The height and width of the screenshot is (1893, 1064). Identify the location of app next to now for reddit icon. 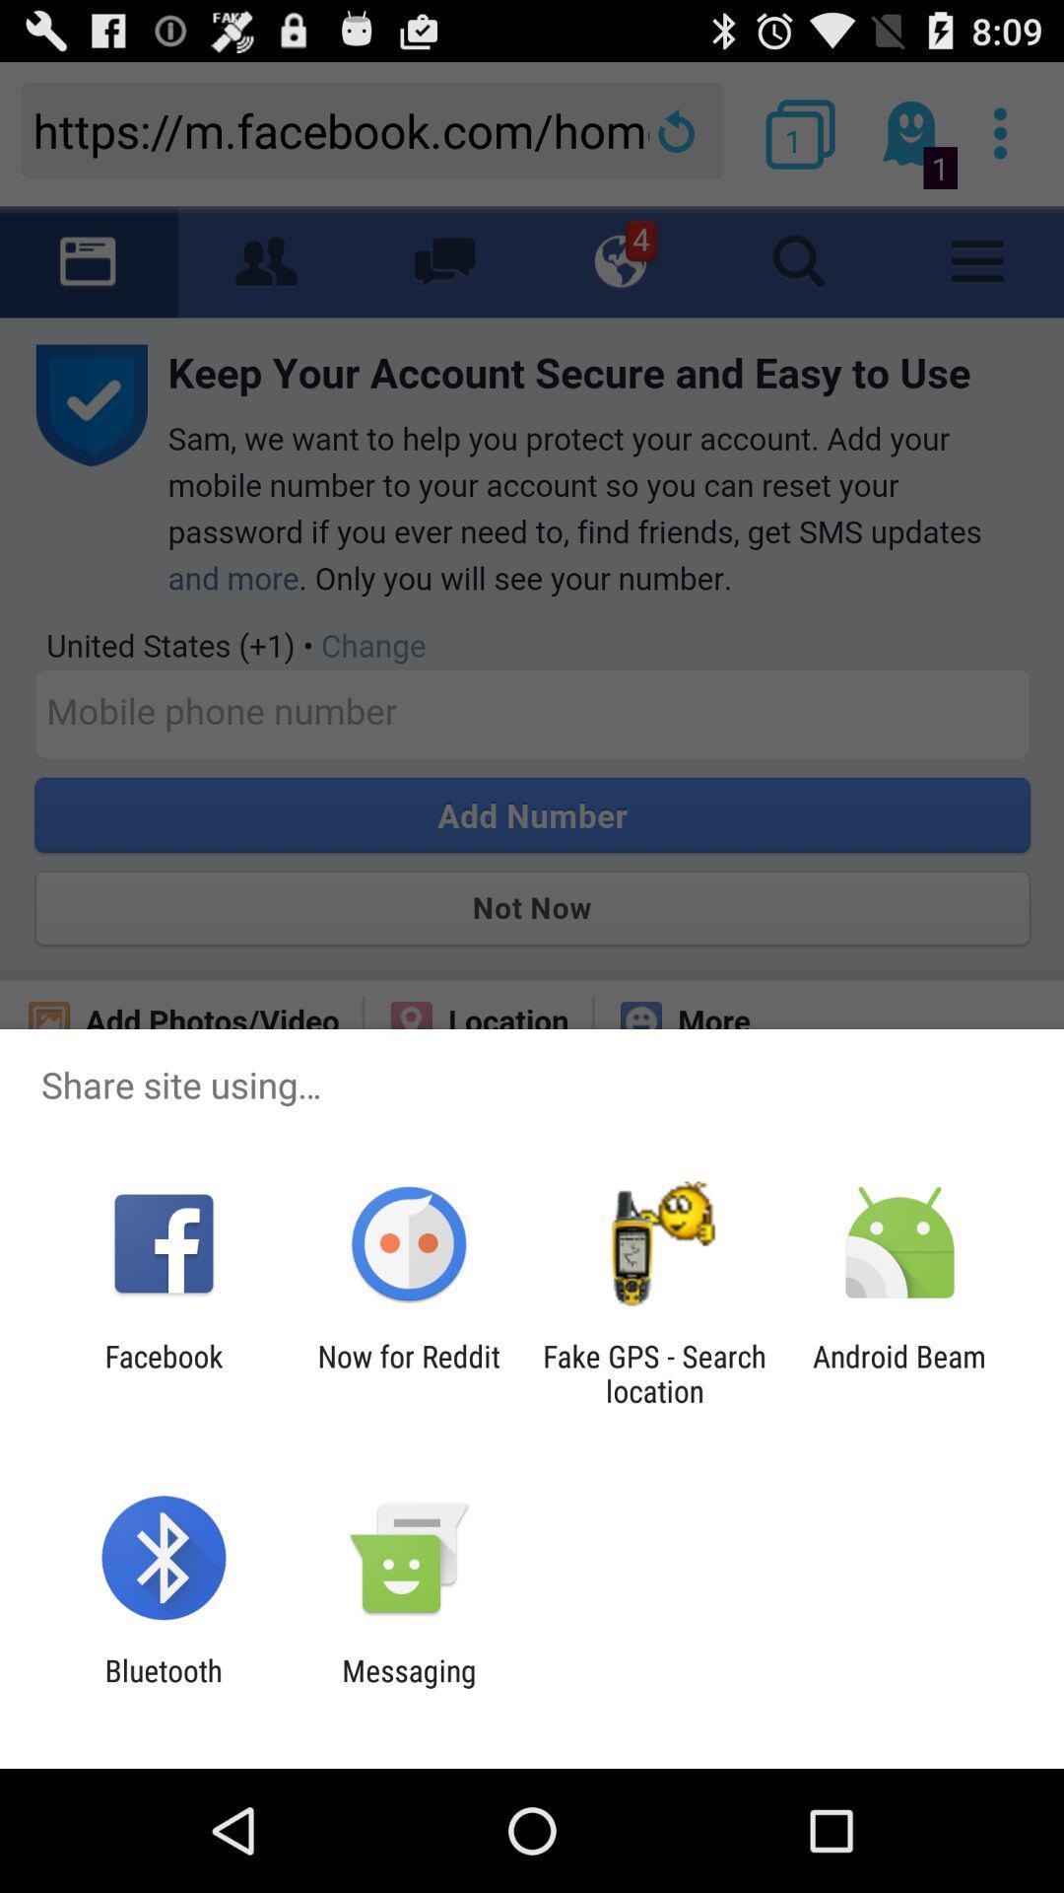
(654, 1372).